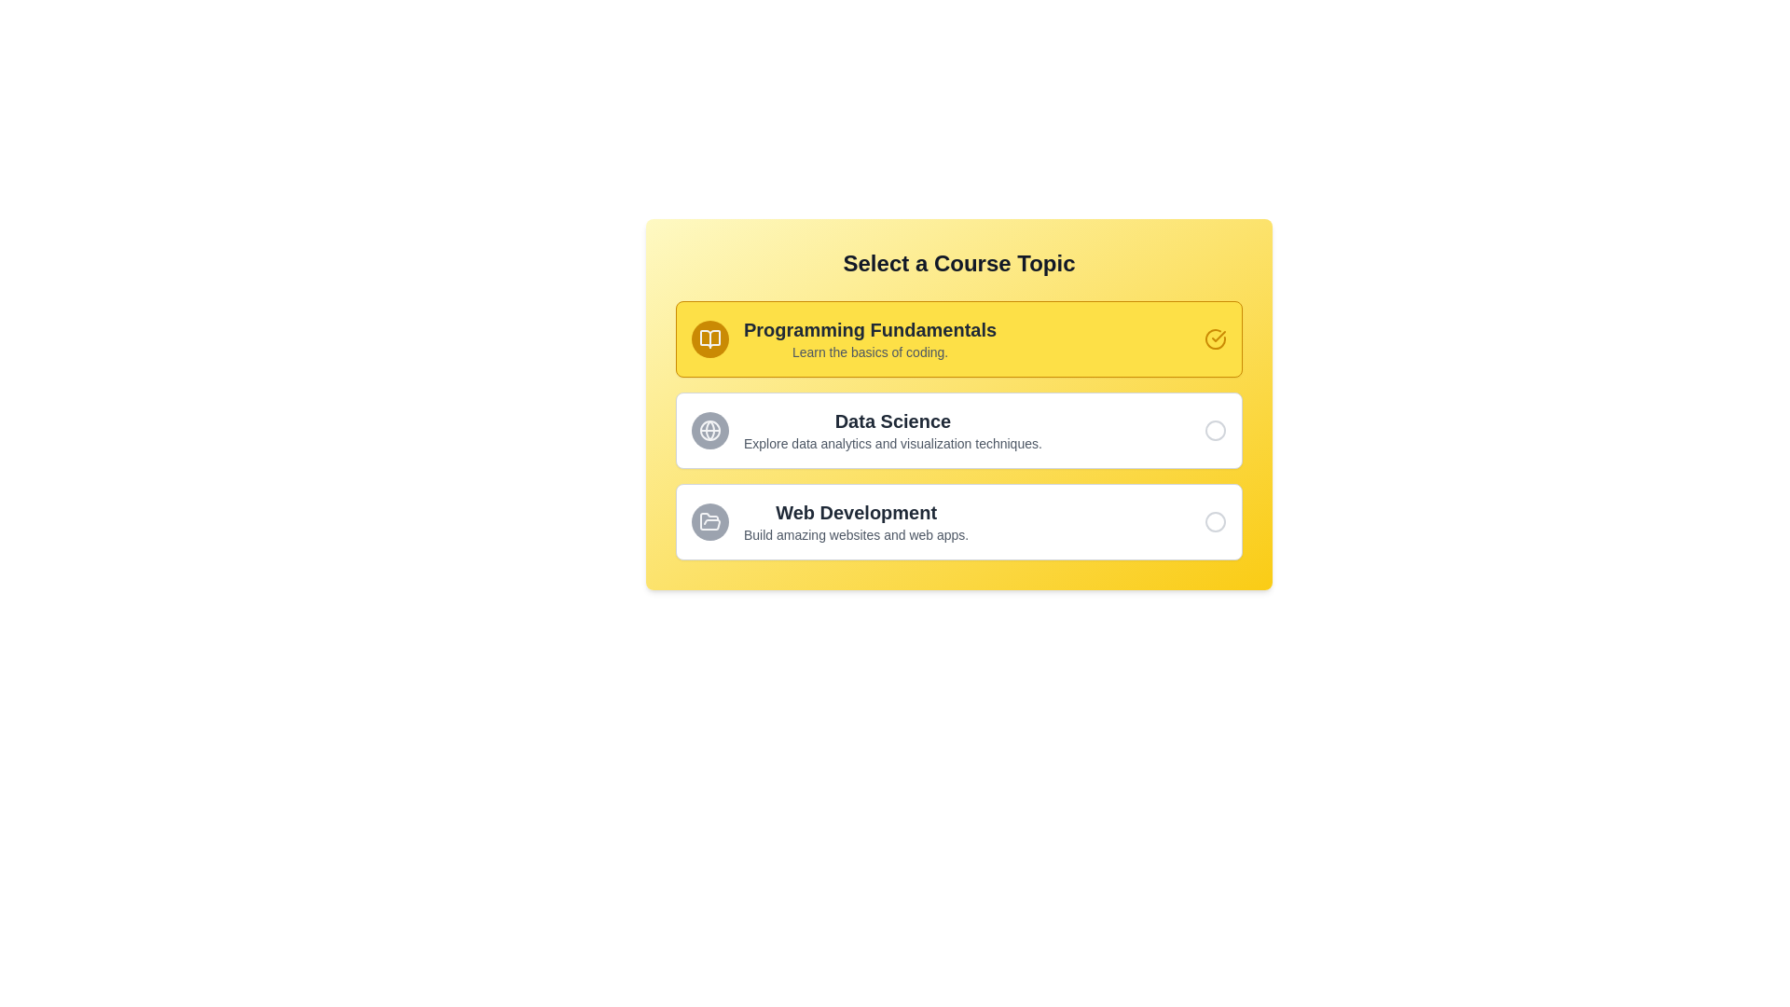  What do you see at coordinates (855, 535) in the screenshot?
I see `the text element reading 'Build amazing websites and web apps.' which is located directly under the heading 'Web Development' in the course topic selection interface` at bounding box center [855, 535].